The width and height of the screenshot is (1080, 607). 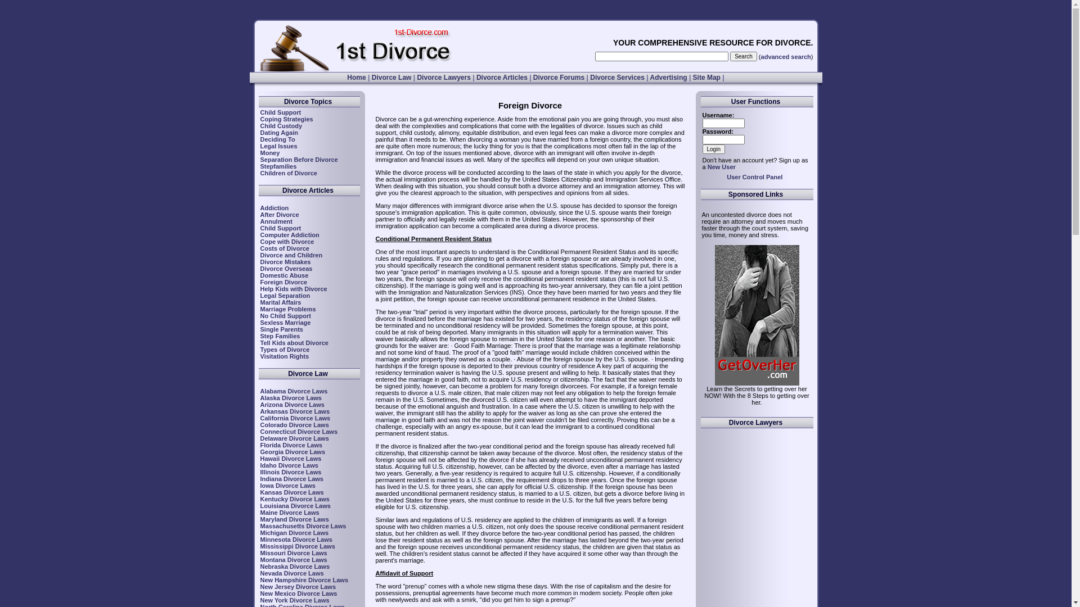 I want to click on 'Dating Again', so click(x=259, y=132).